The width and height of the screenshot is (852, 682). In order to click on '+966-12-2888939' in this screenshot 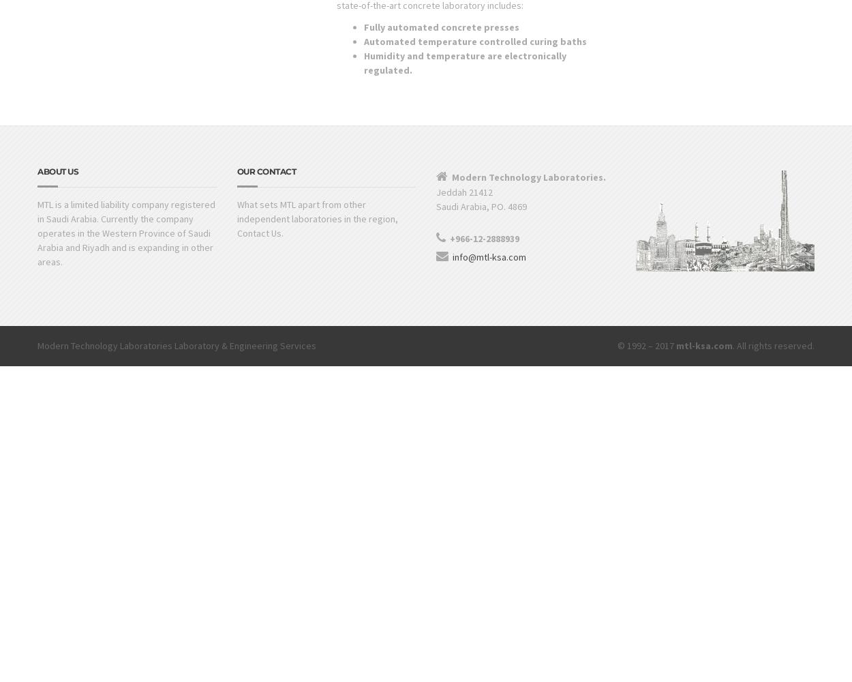, I will do `click(484, 238)`.